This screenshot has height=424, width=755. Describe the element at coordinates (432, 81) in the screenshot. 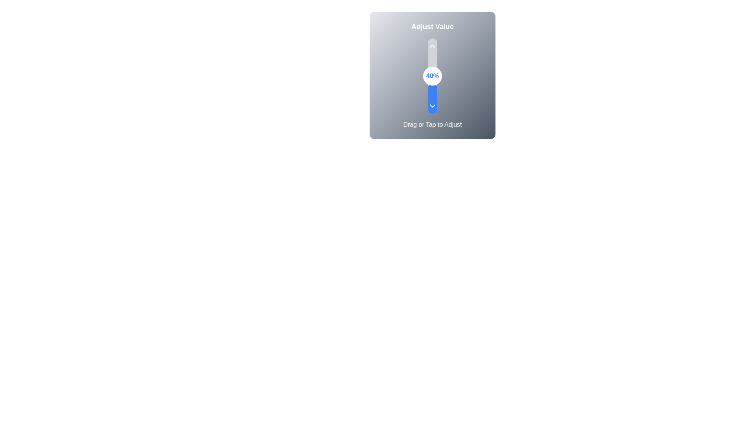

I see `the slider value` at that location.